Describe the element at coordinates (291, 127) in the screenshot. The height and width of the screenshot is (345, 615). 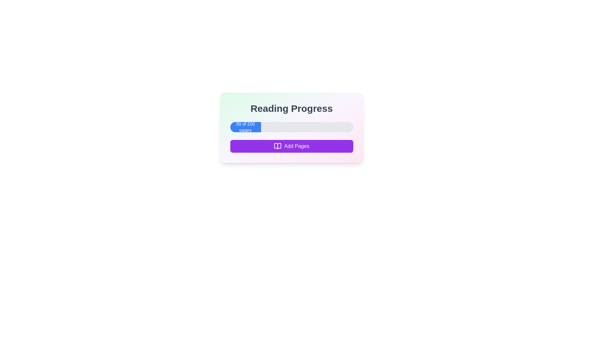
I see `the progress bar element displaying '50 of 200 pages' which is located below the title 'Reading Progress' and above the 'Add Pages' button` at that location.